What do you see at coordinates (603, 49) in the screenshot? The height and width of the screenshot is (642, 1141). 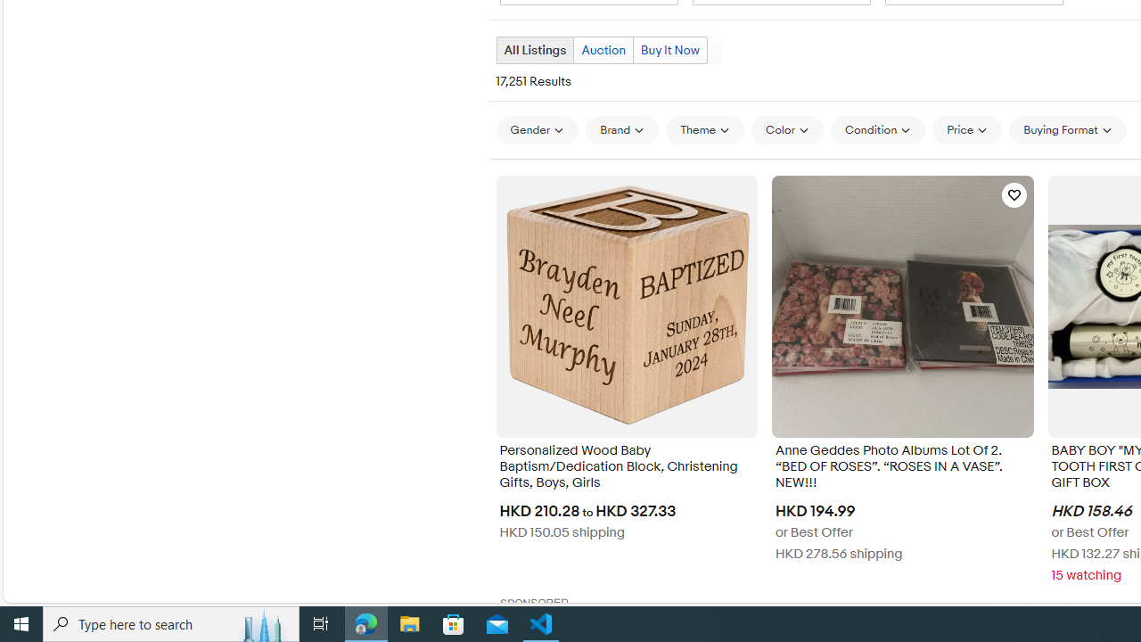 I see `'Auction'` at bounding box center [603, 49].